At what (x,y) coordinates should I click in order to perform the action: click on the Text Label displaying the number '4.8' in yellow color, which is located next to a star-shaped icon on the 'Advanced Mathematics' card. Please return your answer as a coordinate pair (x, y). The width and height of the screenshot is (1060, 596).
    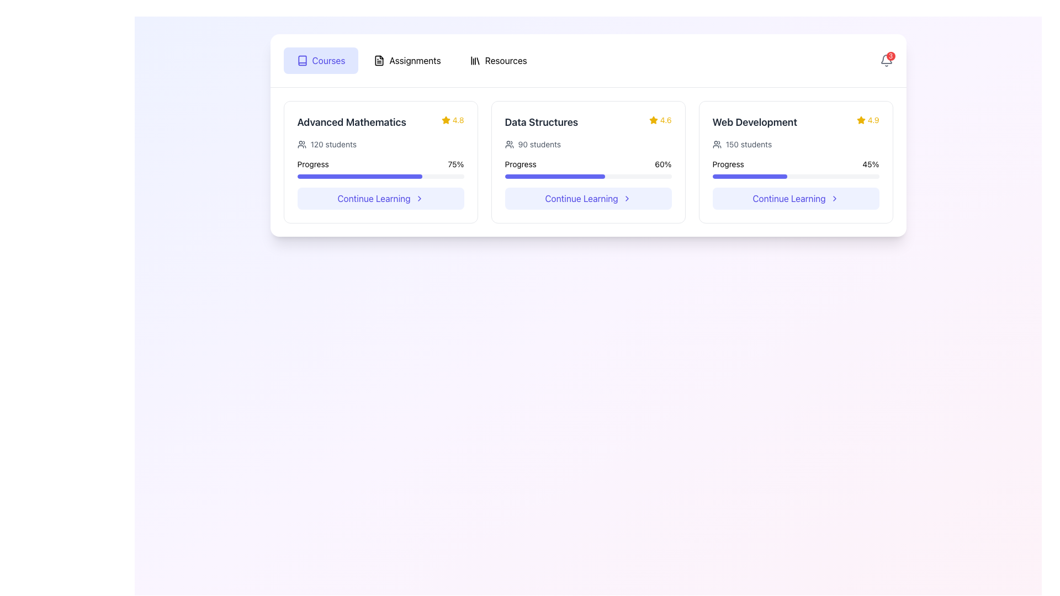
    Looking at the image, I should click on (458, 120).